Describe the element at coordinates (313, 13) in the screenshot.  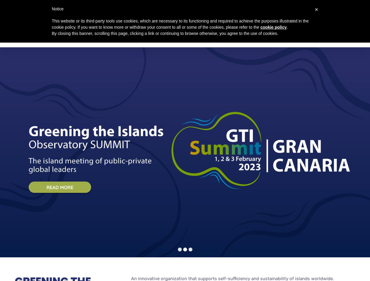
I see `'Search for:'` at that location.